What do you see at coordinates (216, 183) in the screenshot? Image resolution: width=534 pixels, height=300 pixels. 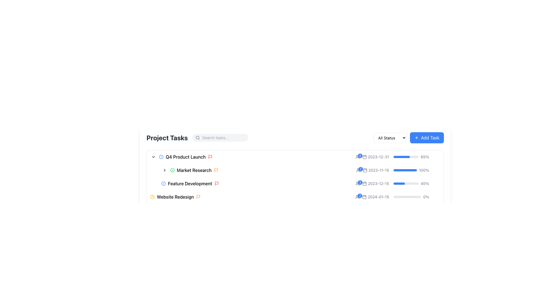 I see `the red flag icon located to the right of the text 'Feature Development'` at bounding box center [216, 183].